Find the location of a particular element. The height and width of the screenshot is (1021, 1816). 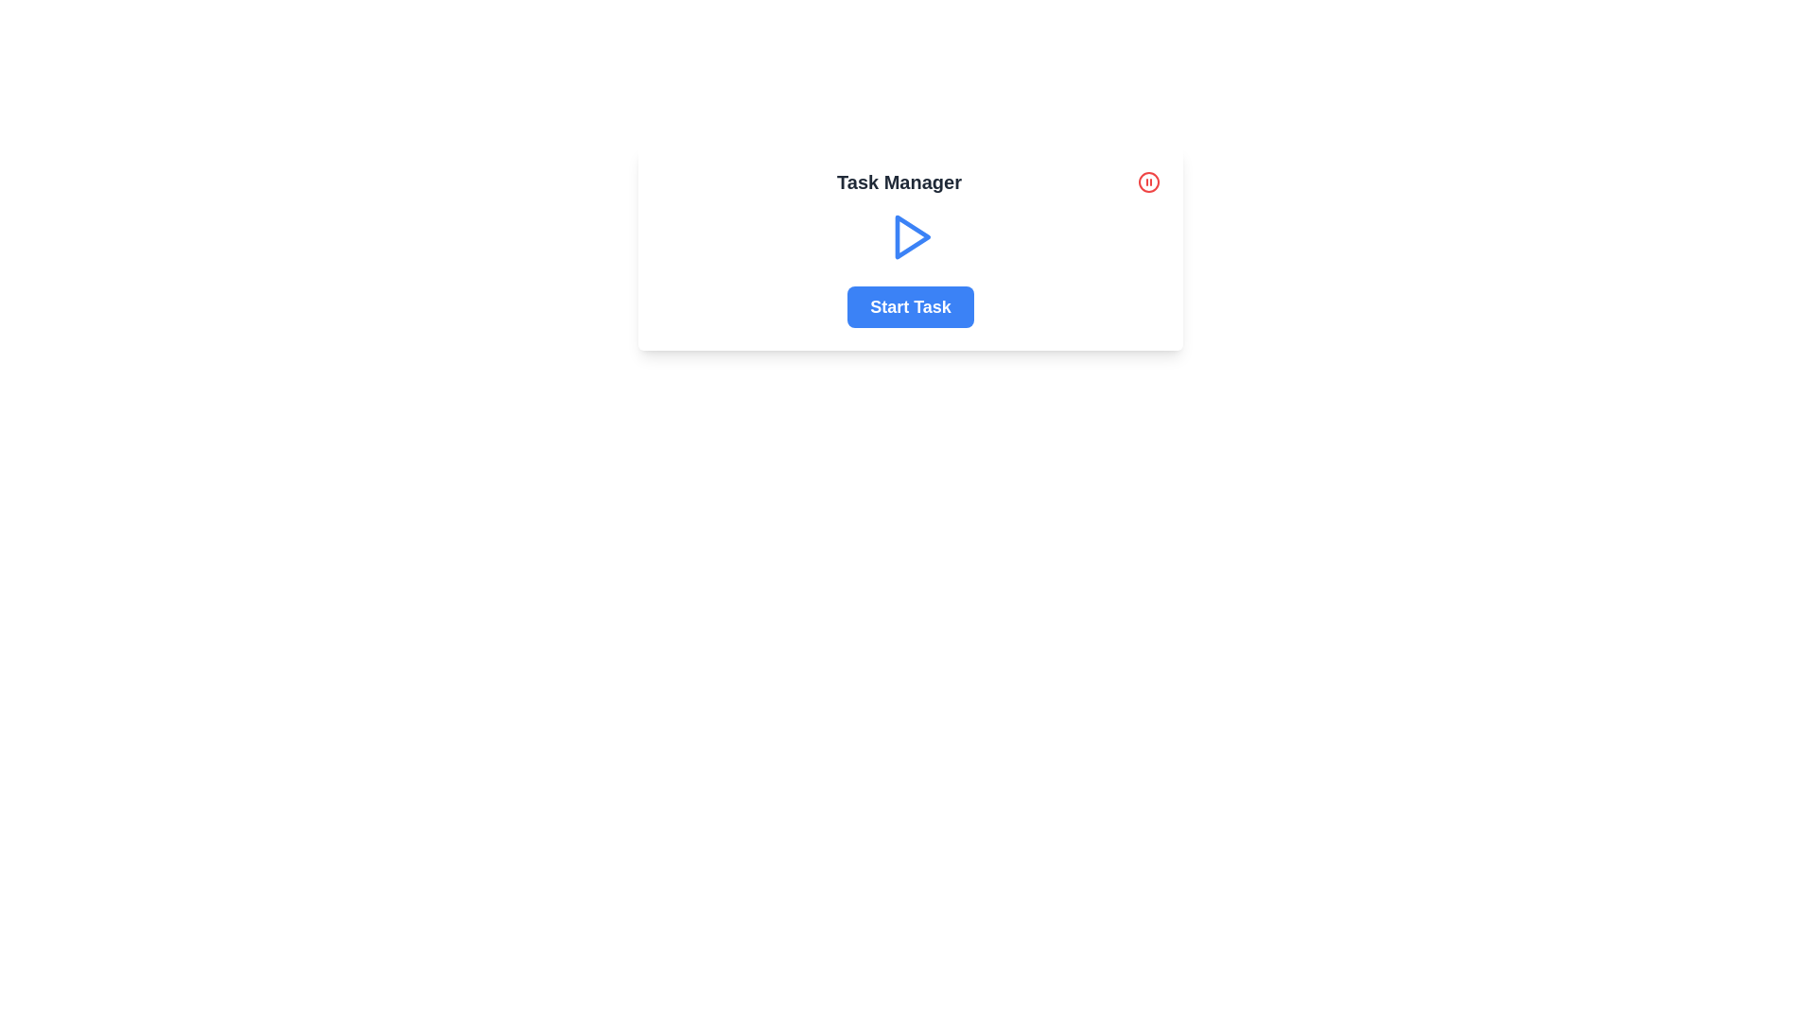

the central button below the play icon is located at coordinates (911, 305).